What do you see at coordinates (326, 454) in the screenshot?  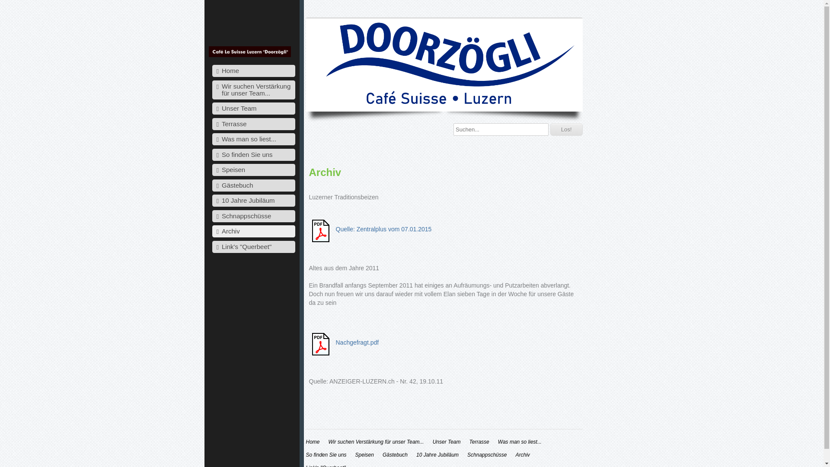 I see `'So finden Sie uns'` at bounding box center [326, 454].